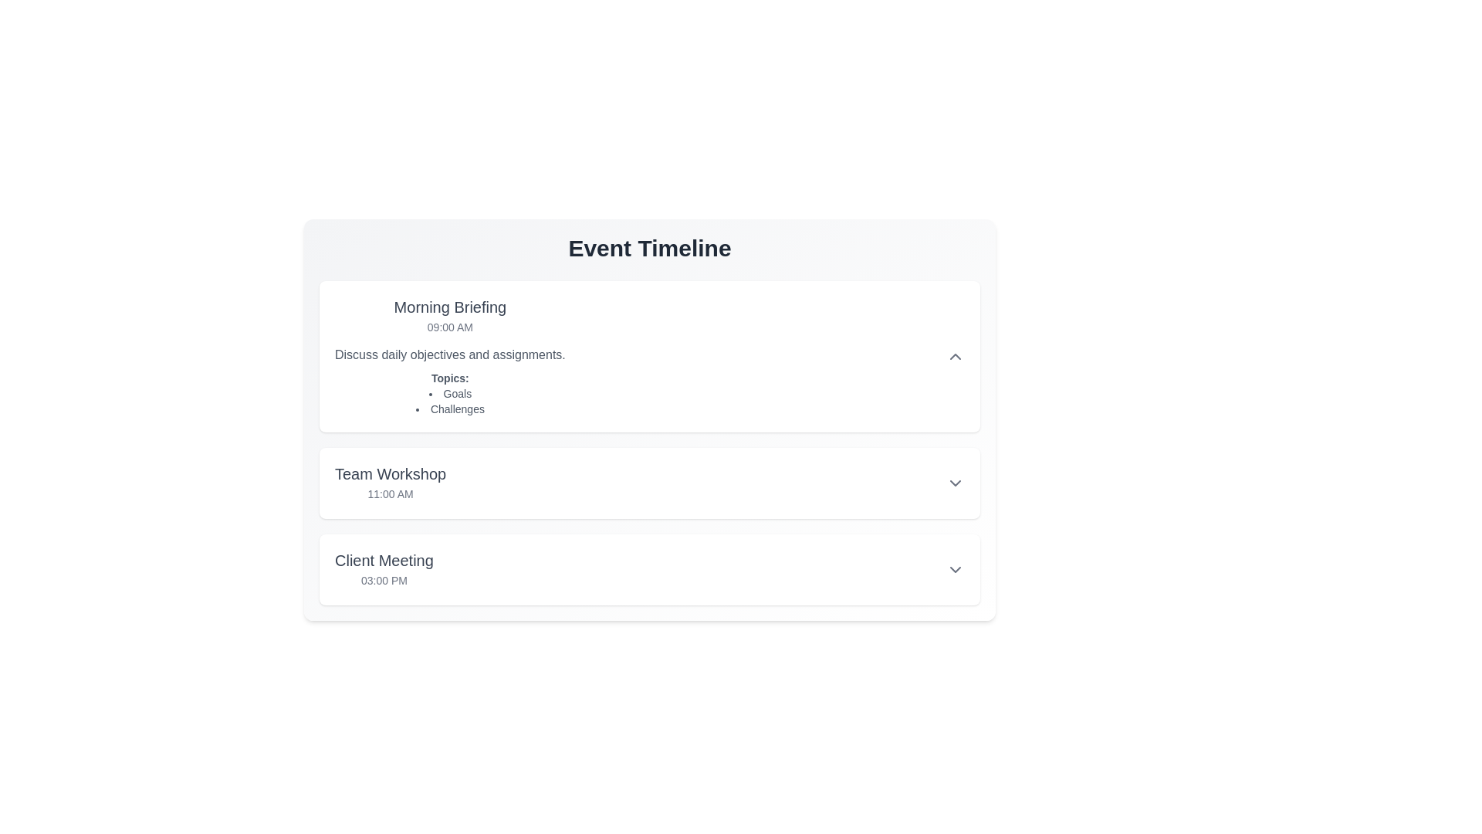 The width and height of the screenshot is (1482, 834). What do you see at coordinates (649, 247) in the screenshot?
I see `the 'Event Timeline' header, which is displayed in a large, bold font at the top of its section, centered horizontally in dark gray against a lighter background` at bounding box center [649, 247].